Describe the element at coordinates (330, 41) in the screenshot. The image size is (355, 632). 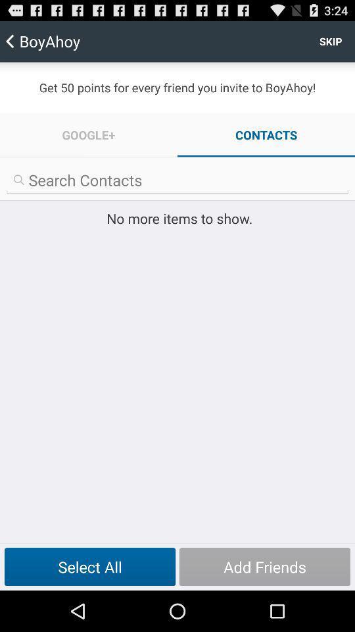
I see `item above the get 50 points item` at that location.